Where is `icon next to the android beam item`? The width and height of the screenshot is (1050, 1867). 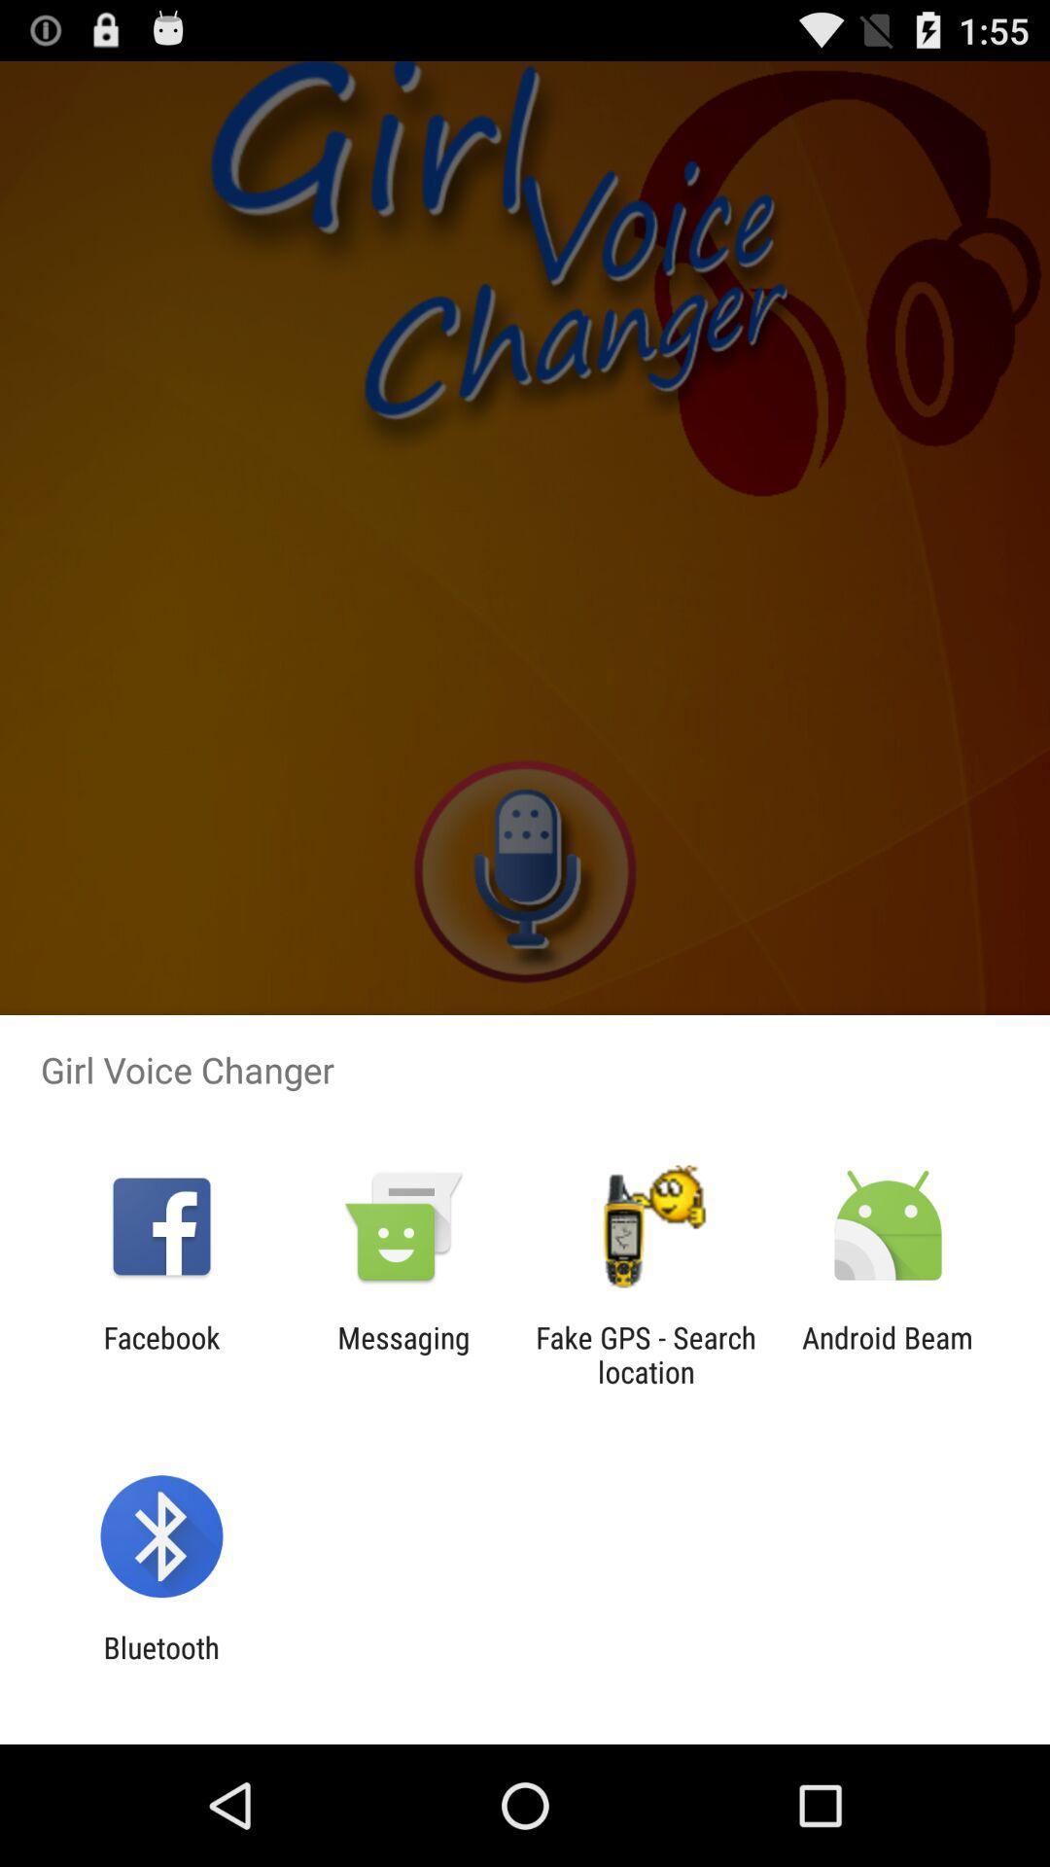 icon next to the android beam item is located at coordinates (646, 1354).